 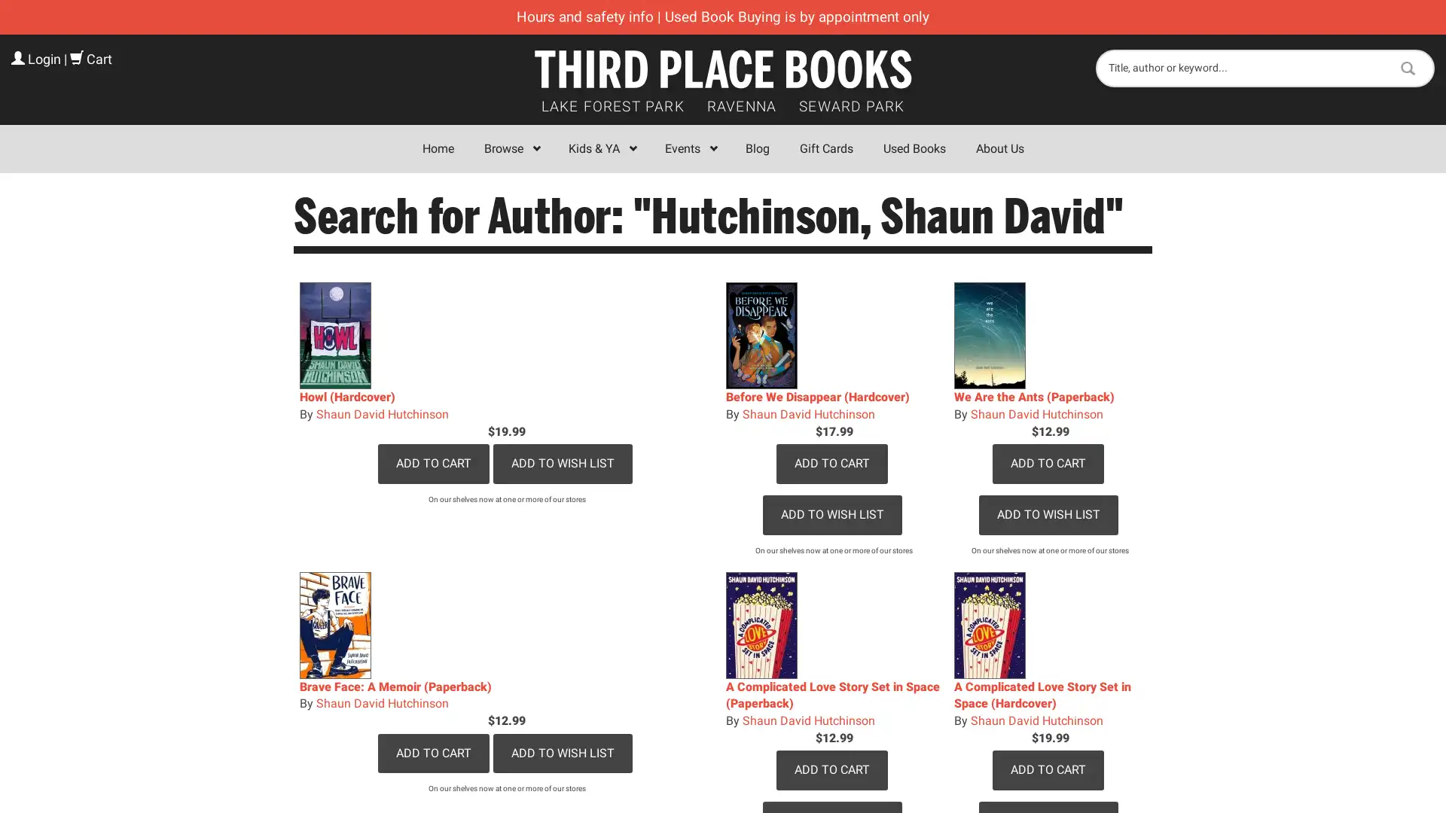 I want to click on Add to Cart, so click(x=831, y=463).